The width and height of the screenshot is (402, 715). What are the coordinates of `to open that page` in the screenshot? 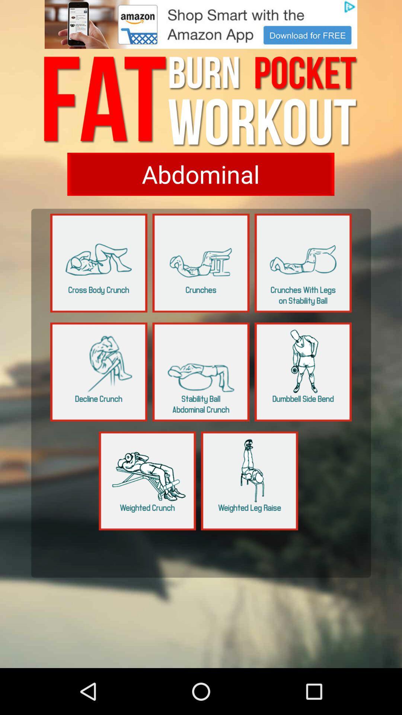 It's located at (98, 372).